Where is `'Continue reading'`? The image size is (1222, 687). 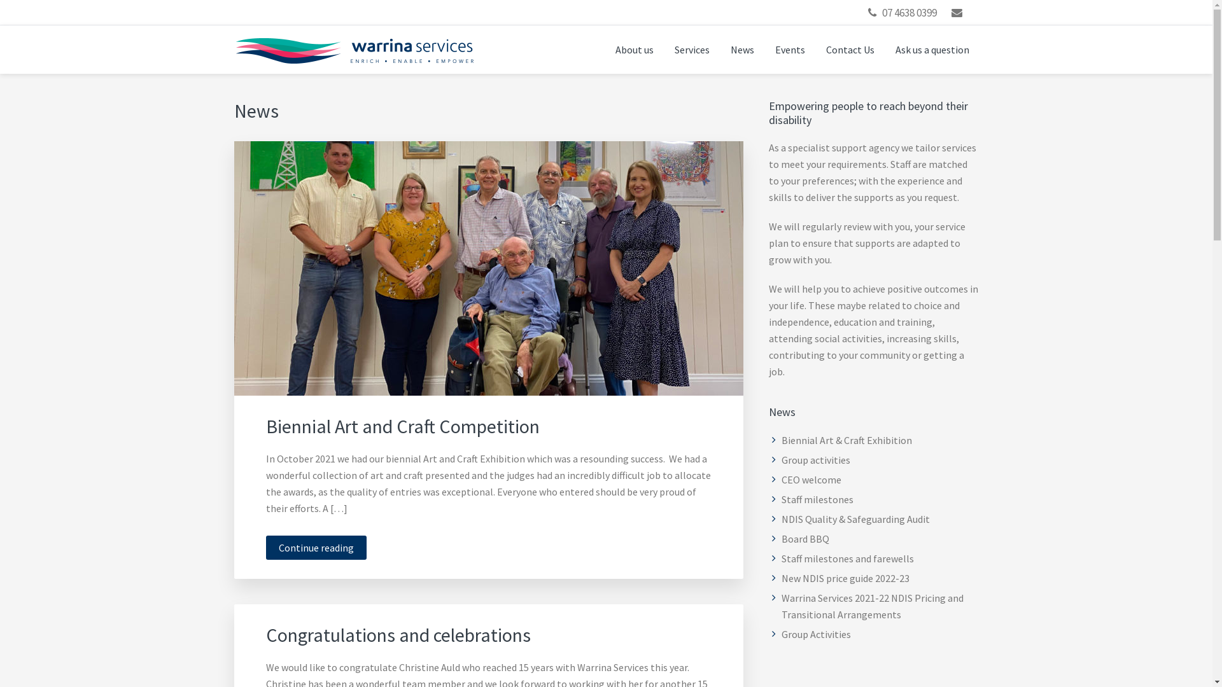 'Continue reading' is located at coordinates (316, 546).